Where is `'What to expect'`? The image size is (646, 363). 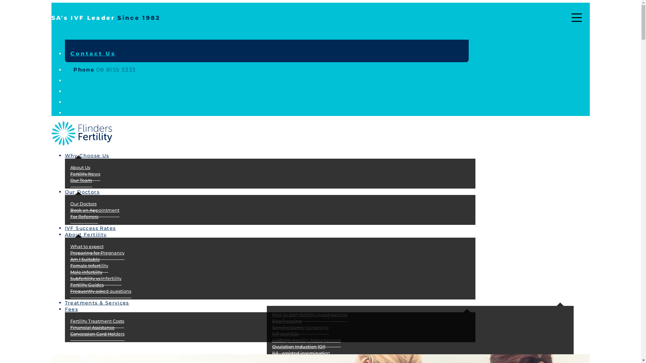
'What to expect' is located at coordinates (86, 246).